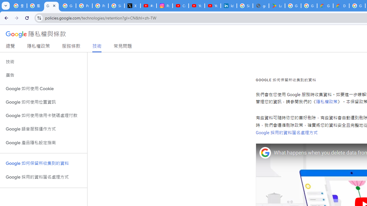 This screenshot has width=367, height=206. I want to click on 'Government | Google Cloud', so click(325, 6).